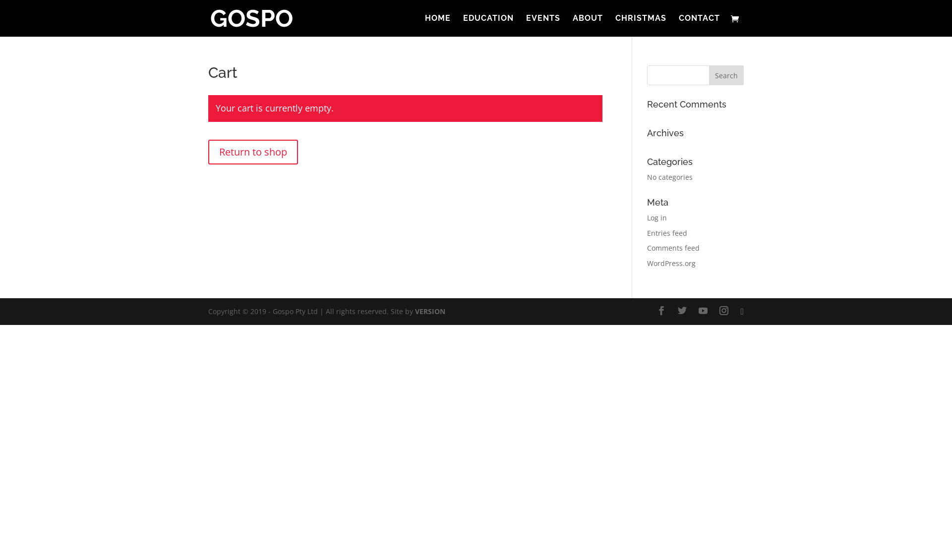  Describe the element at coordinates (699, 25) in the screenshot. I see `'CONTACT'` at that location.